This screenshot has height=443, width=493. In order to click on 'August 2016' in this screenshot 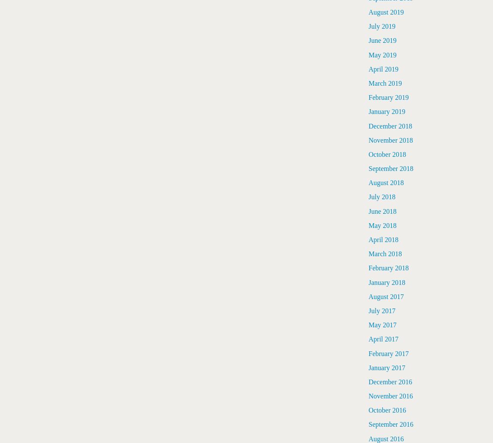, I will do `click(386, 438)`.